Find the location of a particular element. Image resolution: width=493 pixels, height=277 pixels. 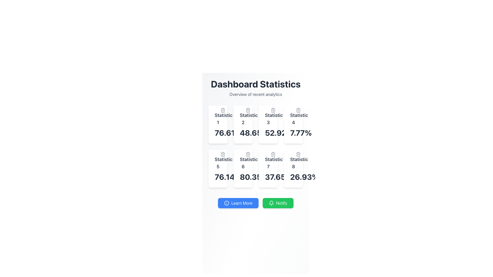

the text label displaying 'Statistic 1' is located at coordinates (218, 119).